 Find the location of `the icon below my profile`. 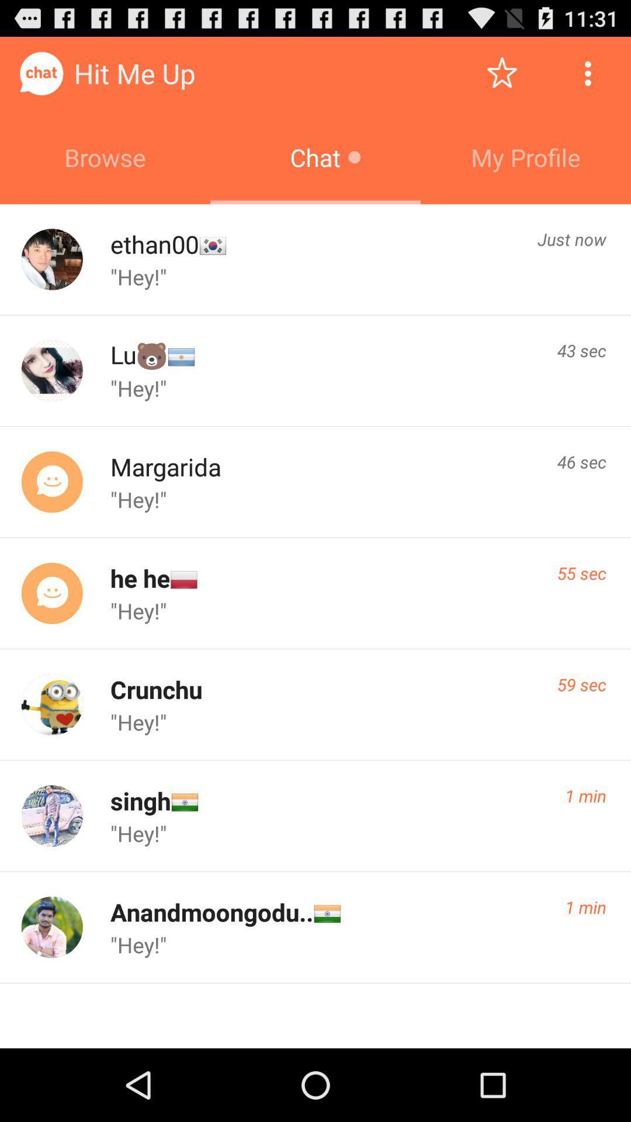

the icon below my profile is located at coordinates (571, 238).